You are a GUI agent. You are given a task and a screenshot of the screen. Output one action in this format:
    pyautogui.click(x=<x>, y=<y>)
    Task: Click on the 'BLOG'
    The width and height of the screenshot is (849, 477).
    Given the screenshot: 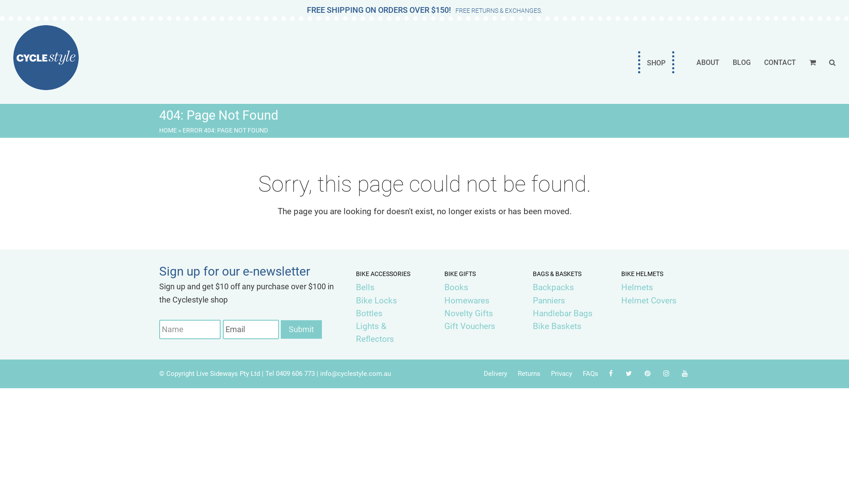 What is the action you would take?
    pyautogui.click(x=742, y=62)
    